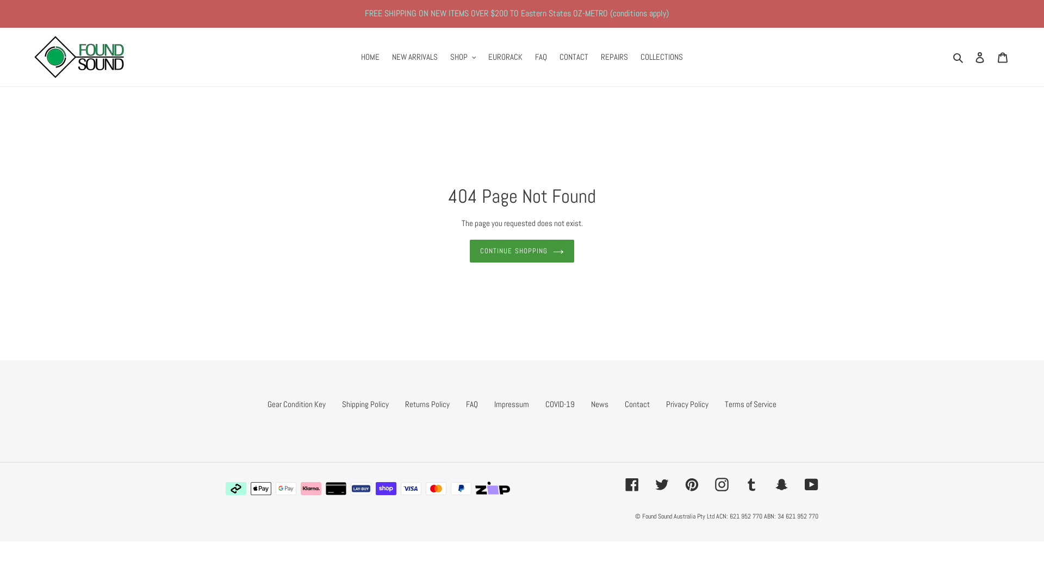 The width and height of the screenshot is (1044, 587). What do you see at coordinates (744, 484) in the screenshot?
I see `'Tumblr'` at bounding box center [744, 484].